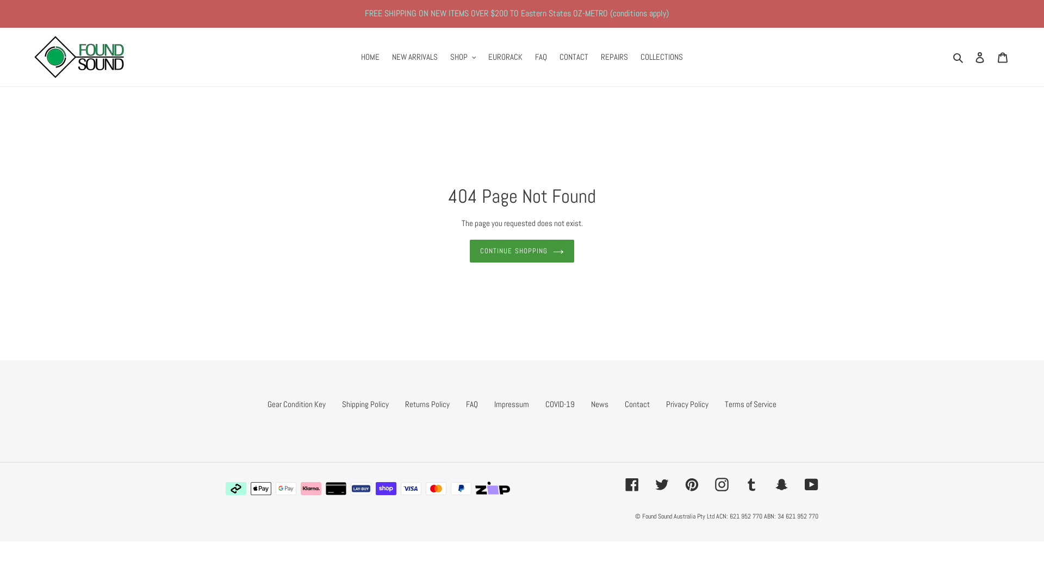 The width and height of the screenshot is (1044, 587). What do you see at coordinates (744, 484) in the screenshot?
I see `'Tumblr'` at bounding box center [744, 484].